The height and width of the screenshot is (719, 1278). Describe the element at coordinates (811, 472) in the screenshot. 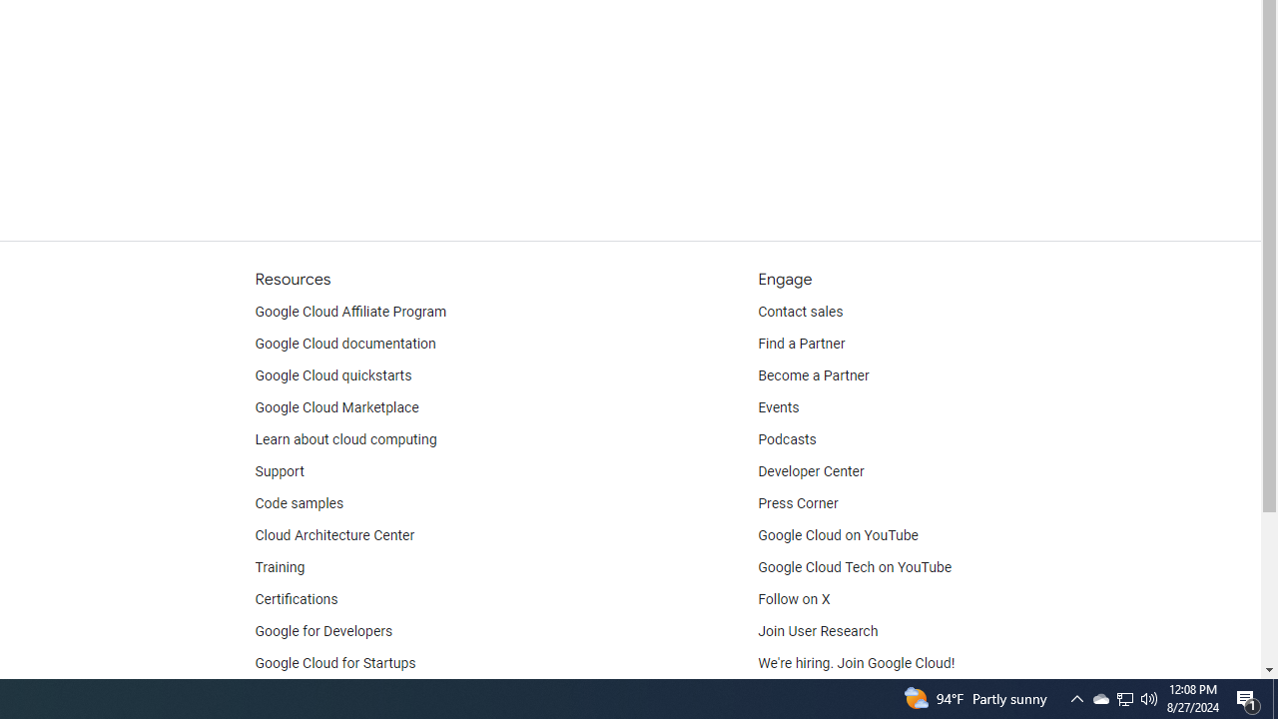

I see `'Developer Center'` at that location.